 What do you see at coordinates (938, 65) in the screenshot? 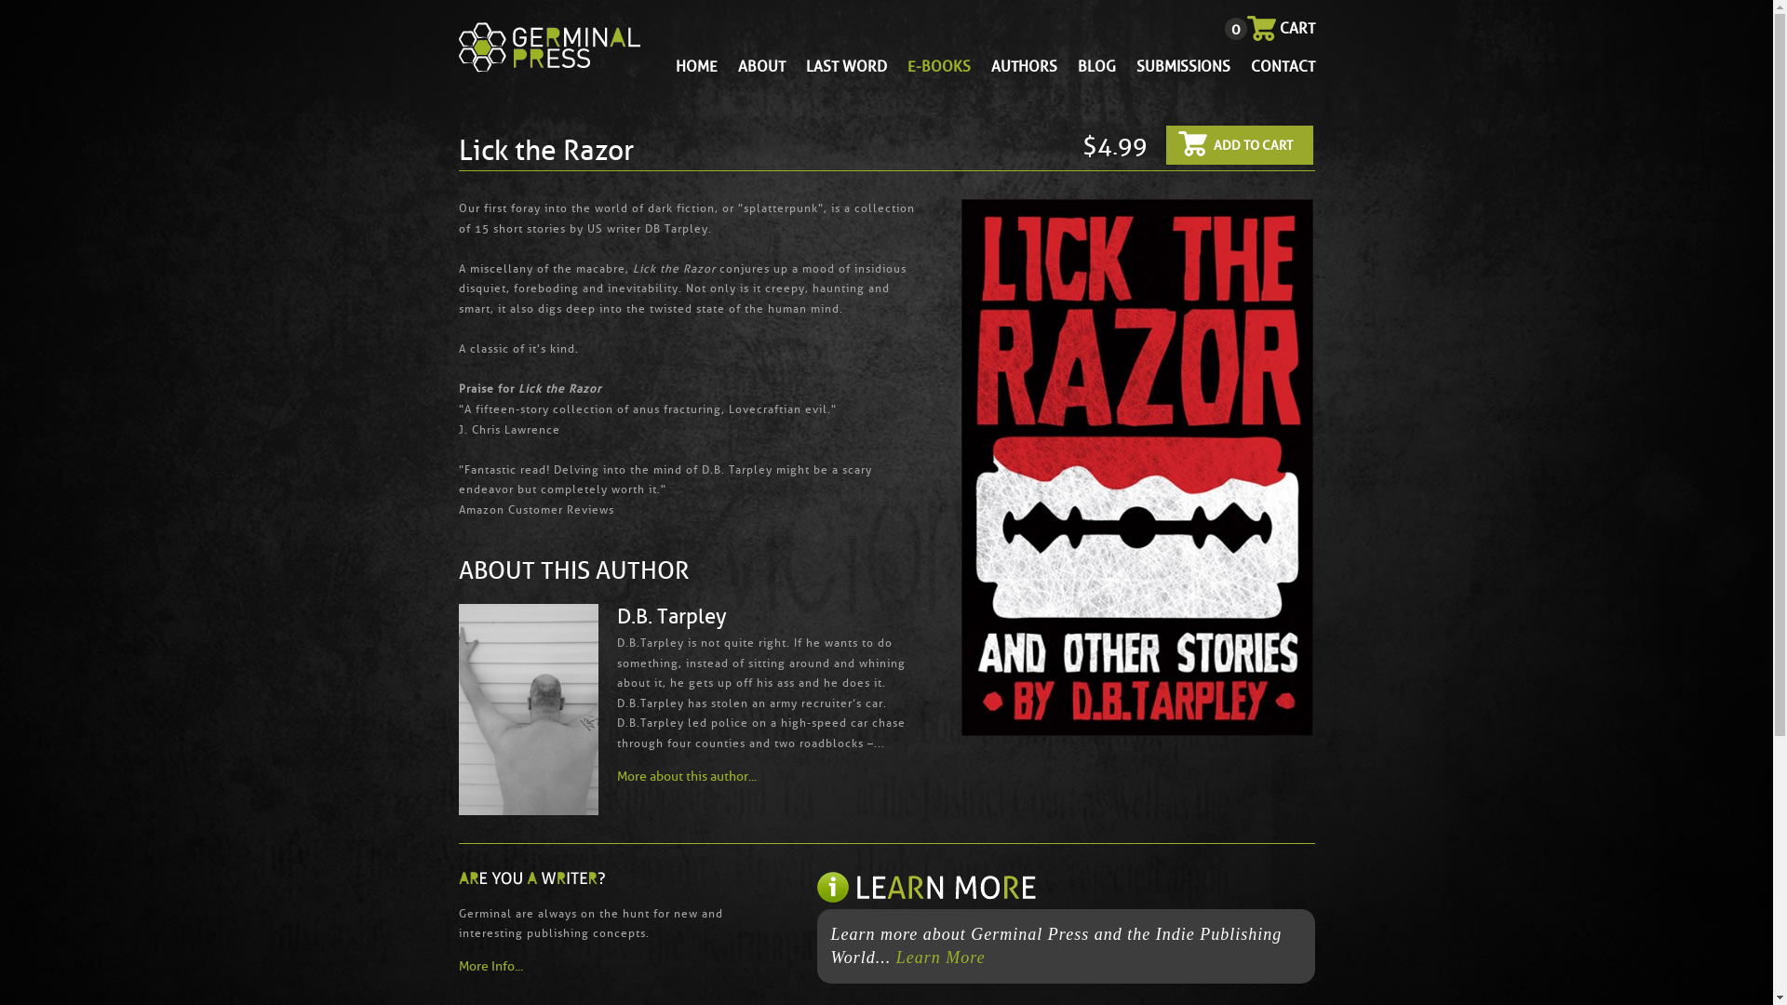
I see `'E-BOOKS'` at bounding box center [938, 65].